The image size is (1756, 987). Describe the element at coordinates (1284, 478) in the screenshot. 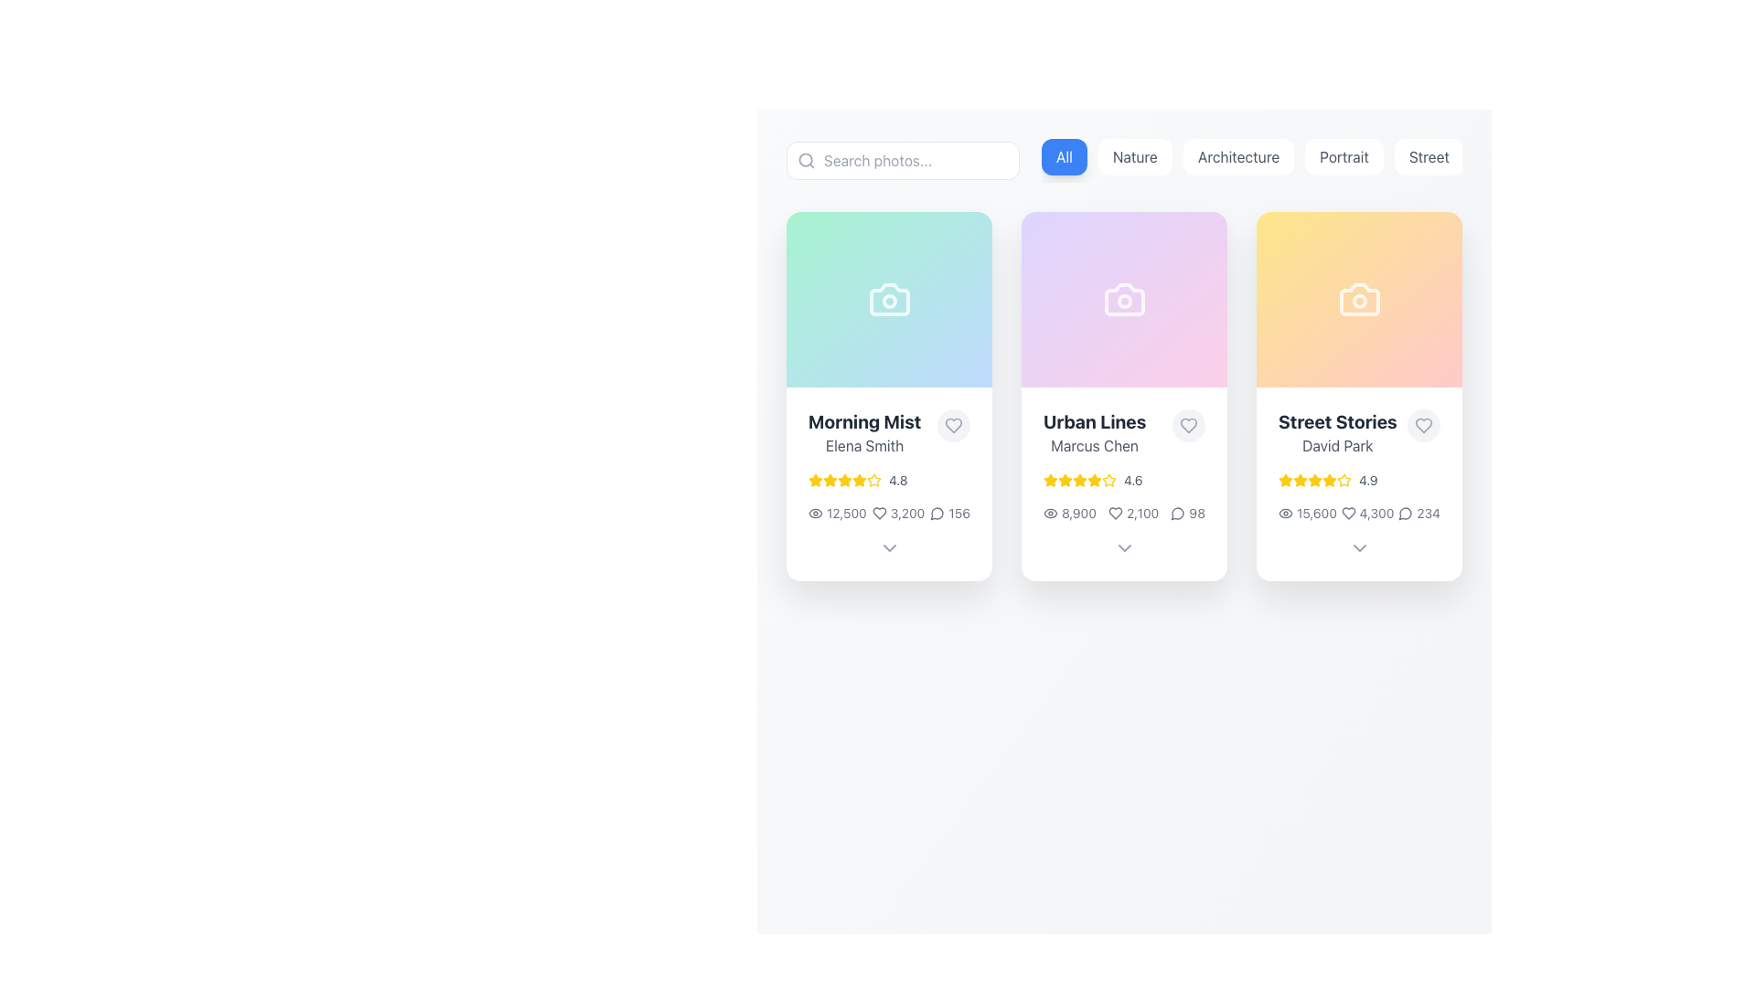

I see `the third star icon in the rating system of the 'Street Stories' card to interact with the rating function` at that location.